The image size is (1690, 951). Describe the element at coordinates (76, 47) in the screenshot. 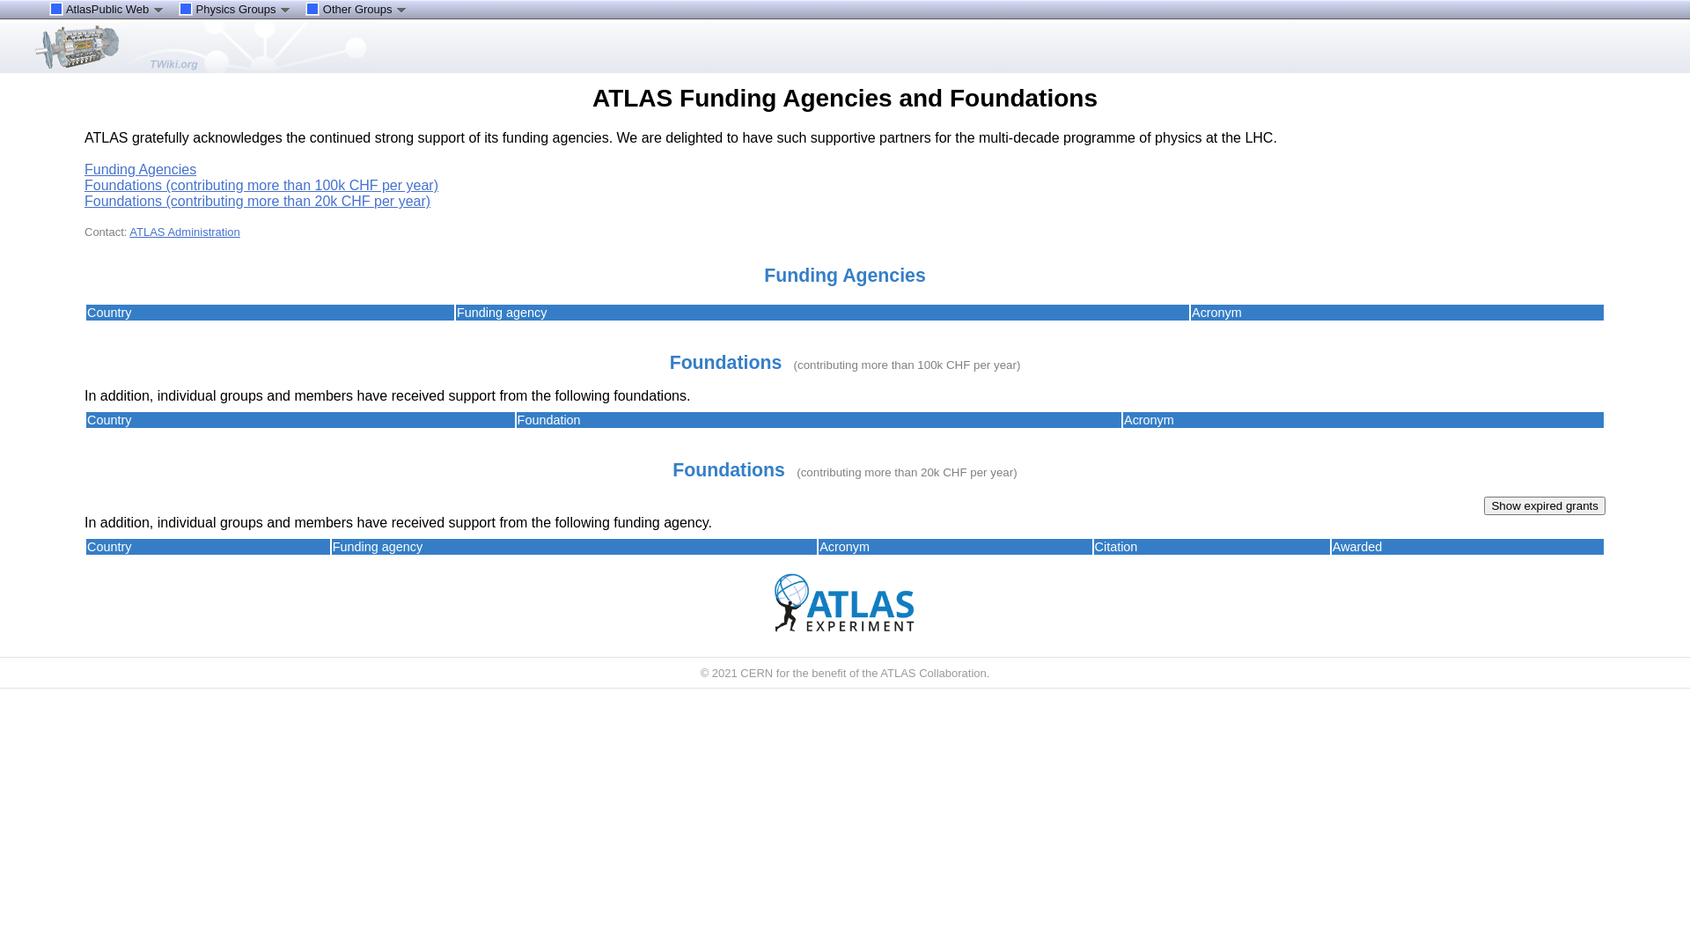

I see `'ATLAS'` at that location.